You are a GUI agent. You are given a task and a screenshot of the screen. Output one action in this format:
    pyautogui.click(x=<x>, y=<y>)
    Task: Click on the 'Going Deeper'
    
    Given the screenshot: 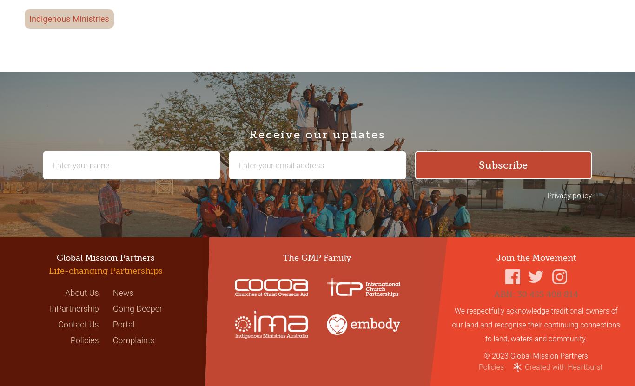 What is the action you would take?
    pyautogui.click(x=137, y=308)
    